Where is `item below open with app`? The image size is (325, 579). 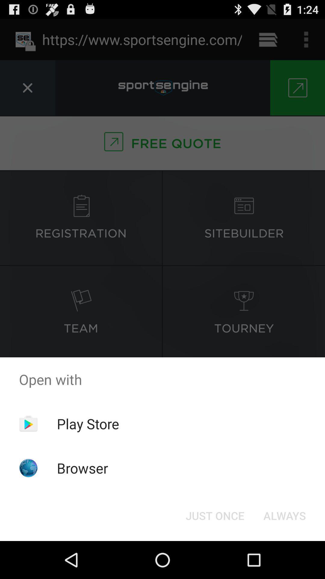 item below open with app is located at coordinates (284, 515).